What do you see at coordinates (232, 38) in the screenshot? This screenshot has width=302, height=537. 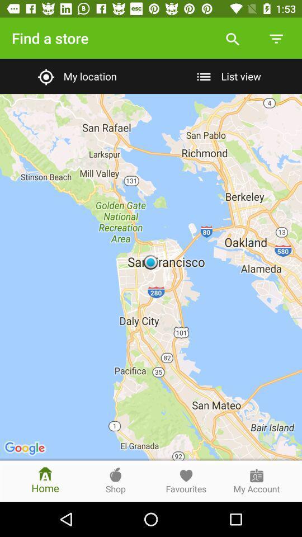 I see `the item above list view` at bounding box center [232, 38].